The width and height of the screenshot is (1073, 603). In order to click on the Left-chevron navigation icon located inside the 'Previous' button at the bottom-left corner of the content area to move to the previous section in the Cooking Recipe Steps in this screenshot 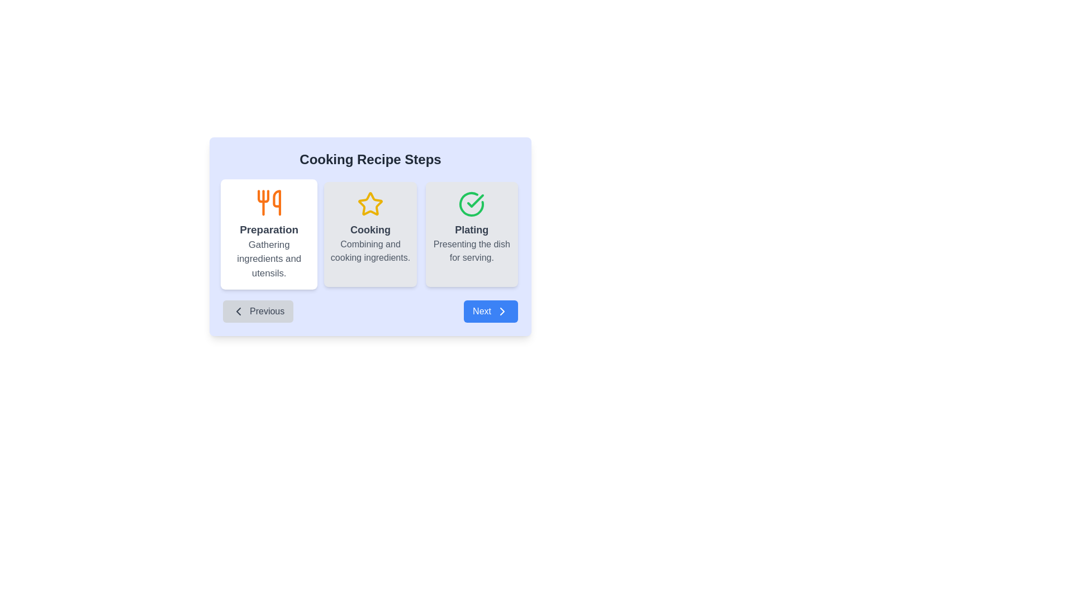, I will do `click(238, 312)`.